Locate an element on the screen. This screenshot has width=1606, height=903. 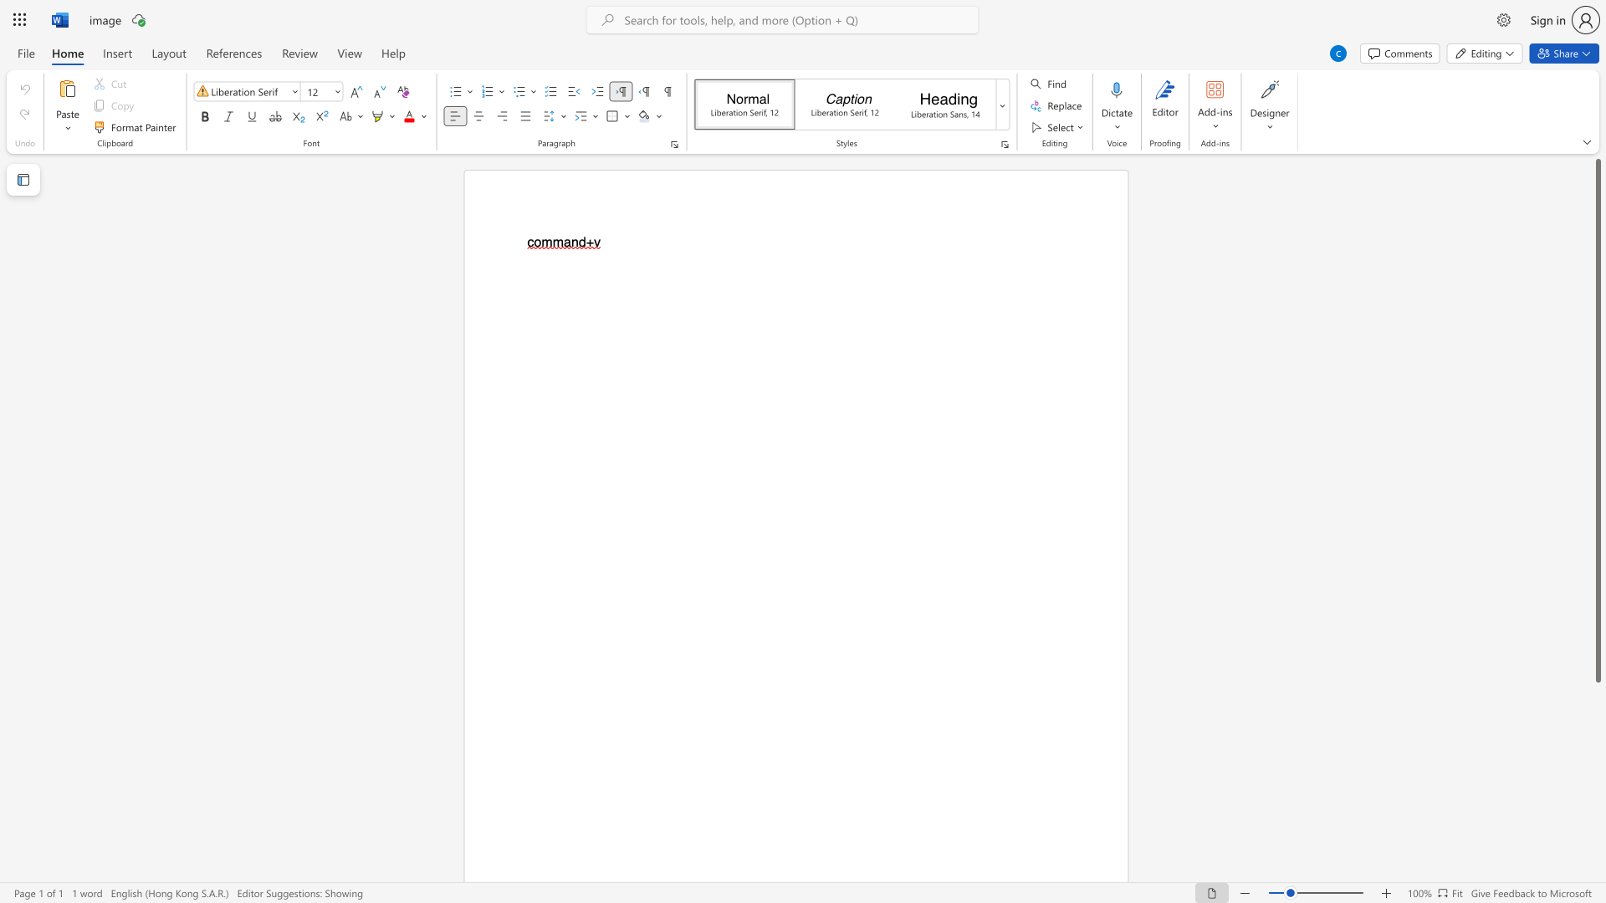
the scrollbar to adjust the page downward is located at coordinates (1597, 718).